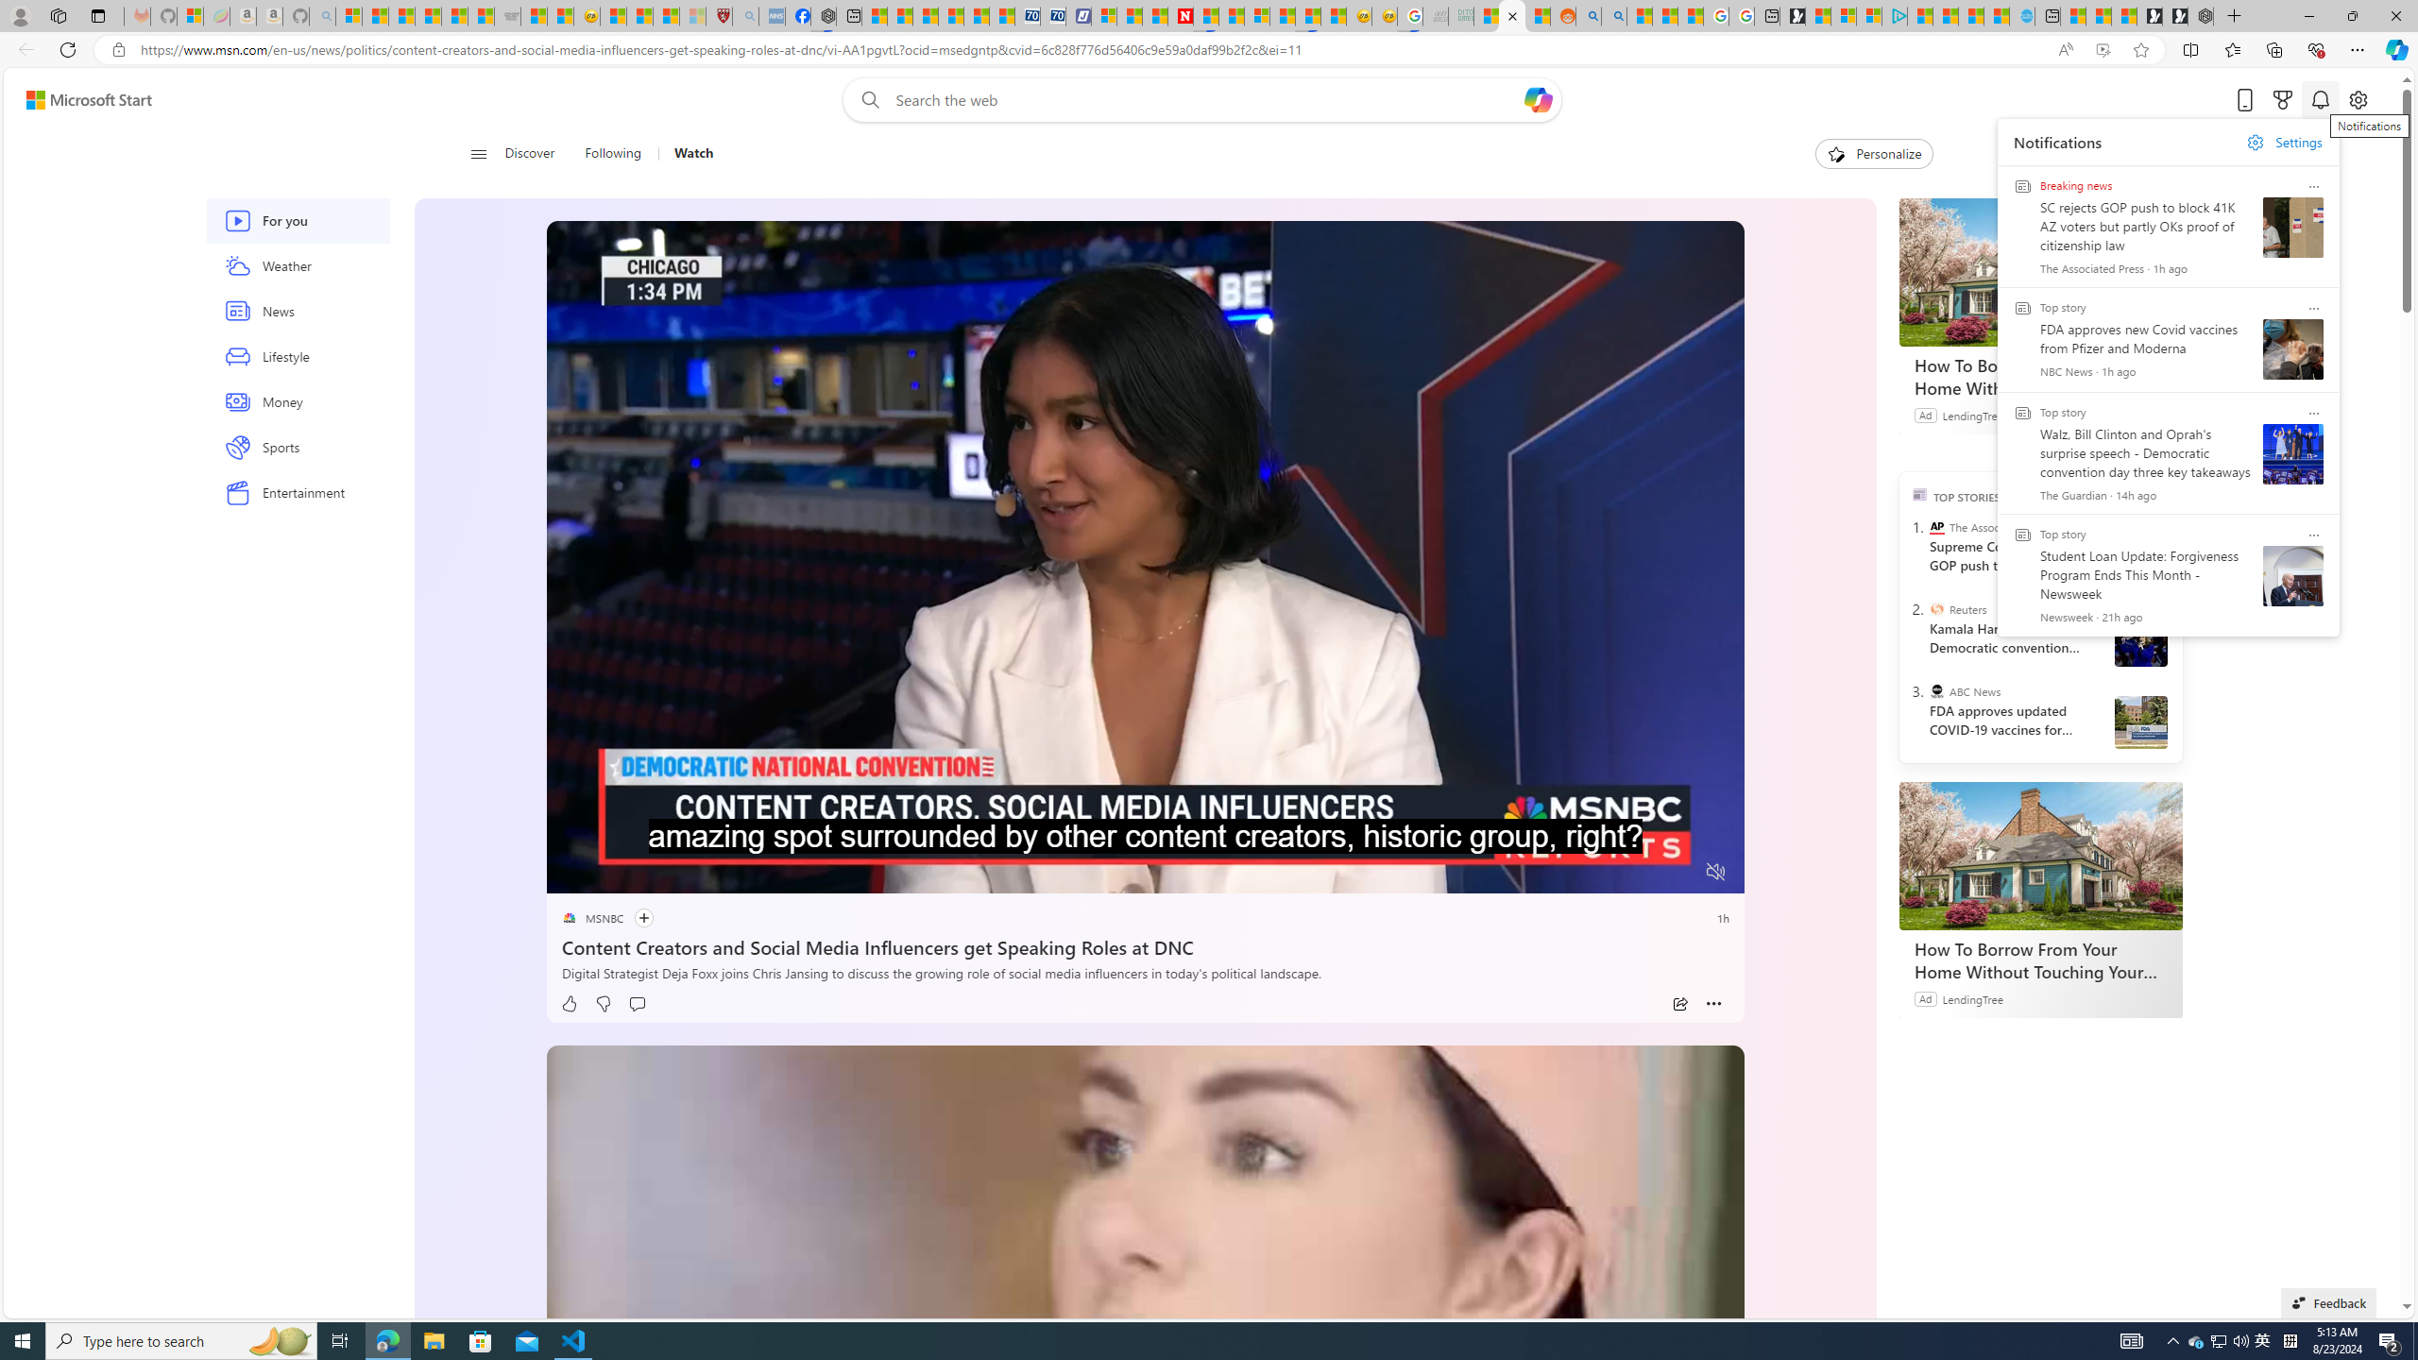 This screenshot has height=1360, width=2418. Describe the element at coordinates (574, 872) in the screenshot. I see `'Pause'` at that location.